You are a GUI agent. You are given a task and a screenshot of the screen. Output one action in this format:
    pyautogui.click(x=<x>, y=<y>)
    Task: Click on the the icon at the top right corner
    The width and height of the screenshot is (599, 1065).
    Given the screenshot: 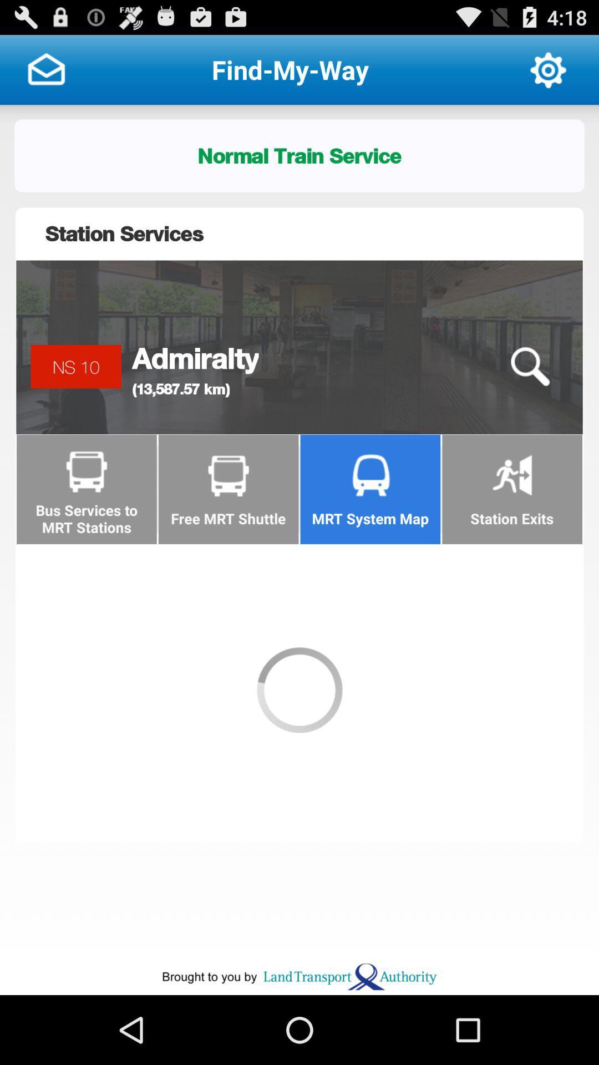 What is the action you would take?
    pyautogui.click(x=547, y=69)
    